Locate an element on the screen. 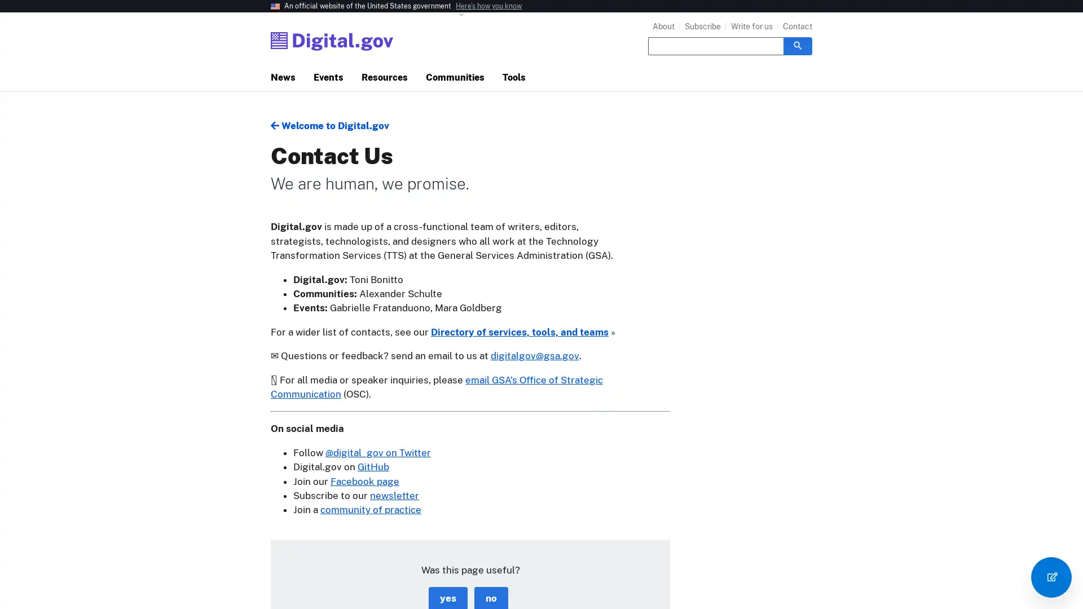 The width and height of the screenshot is (1083, 609). edit is located at coordinates (1050, 577).